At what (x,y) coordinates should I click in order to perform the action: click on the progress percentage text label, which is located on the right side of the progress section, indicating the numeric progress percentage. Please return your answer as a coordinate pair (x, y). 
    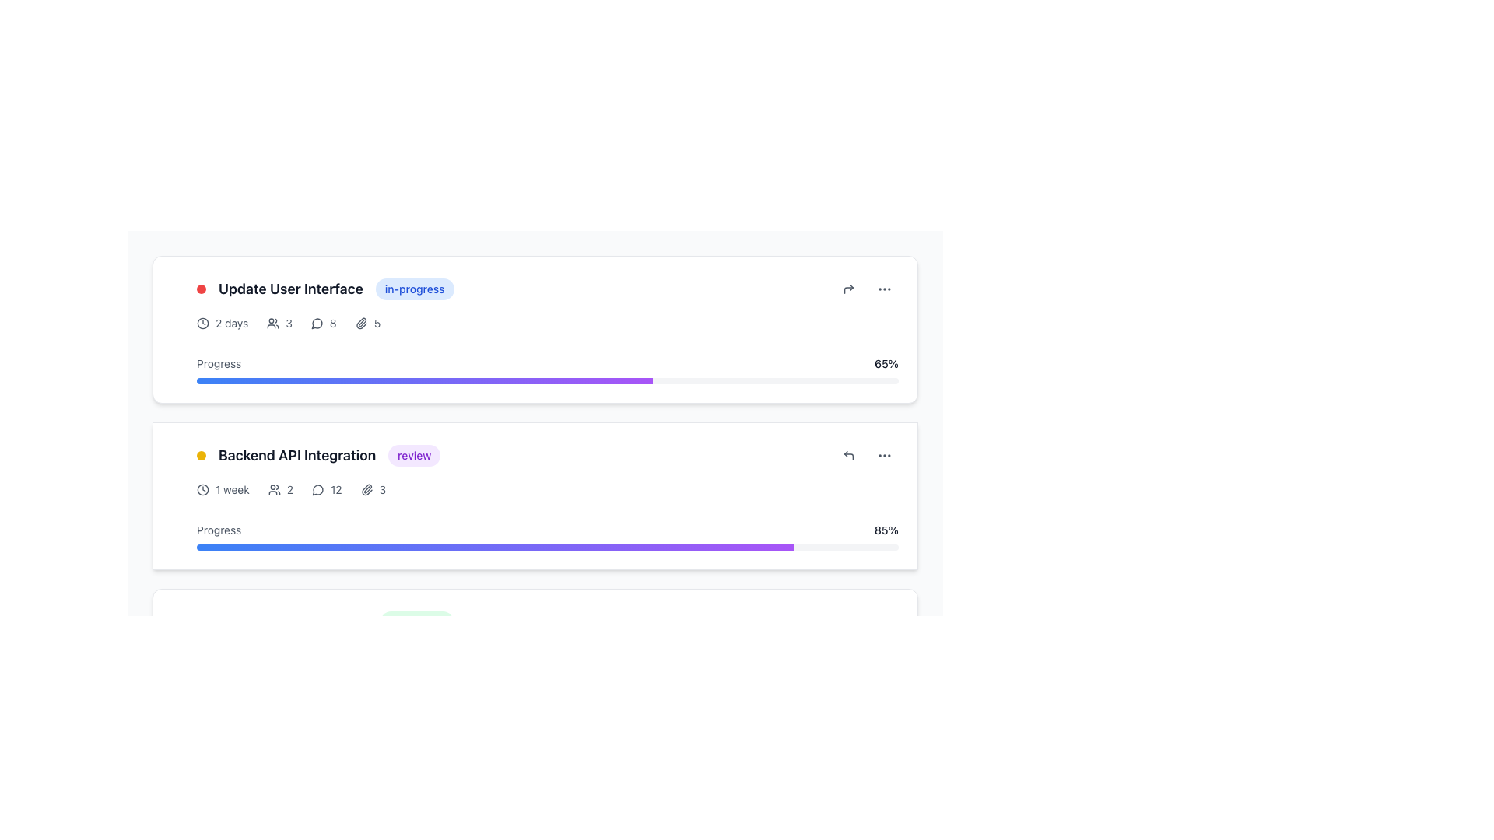
    Looking at the image, I should click on (886, 363).